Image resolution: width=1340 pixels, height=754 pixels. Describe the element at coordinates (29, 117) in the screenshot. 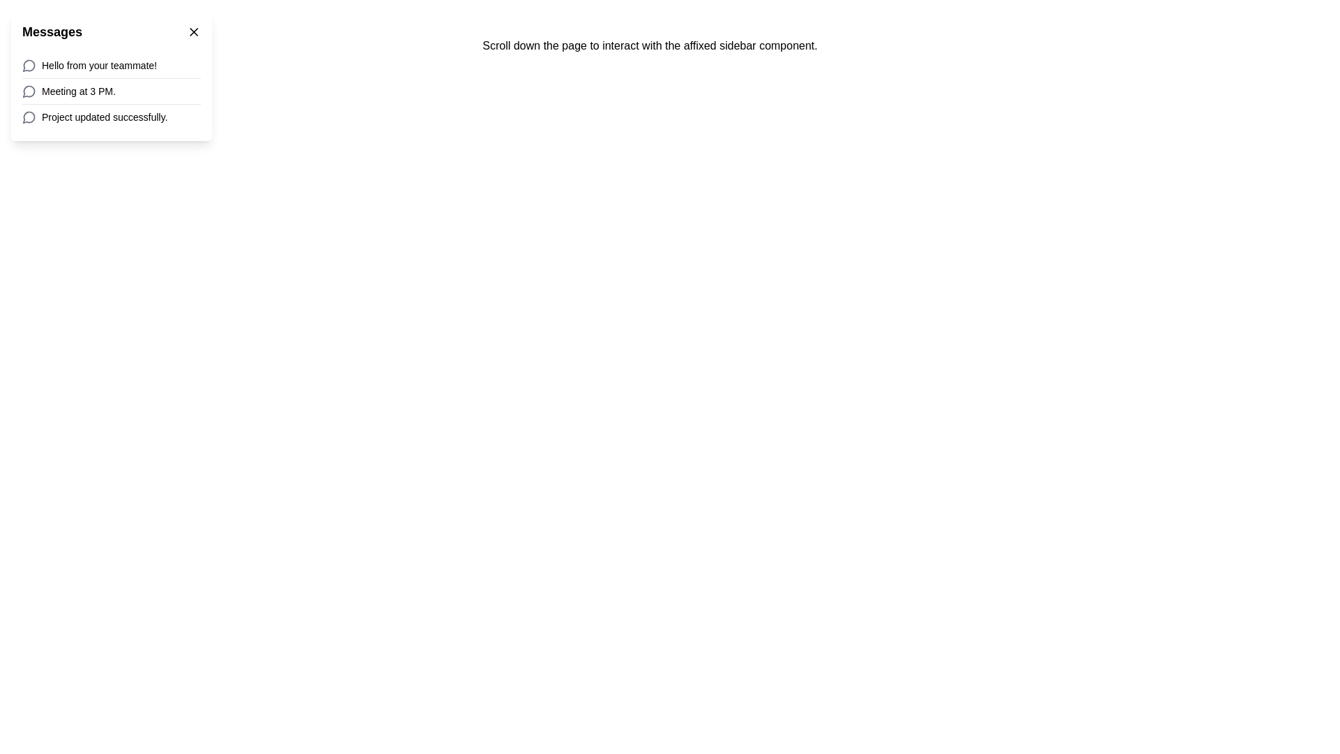

I see `the icon preceding the third message item labeled 'Project updated successfully' in the bottom portion of the messages sidebar, near the left` at that location.